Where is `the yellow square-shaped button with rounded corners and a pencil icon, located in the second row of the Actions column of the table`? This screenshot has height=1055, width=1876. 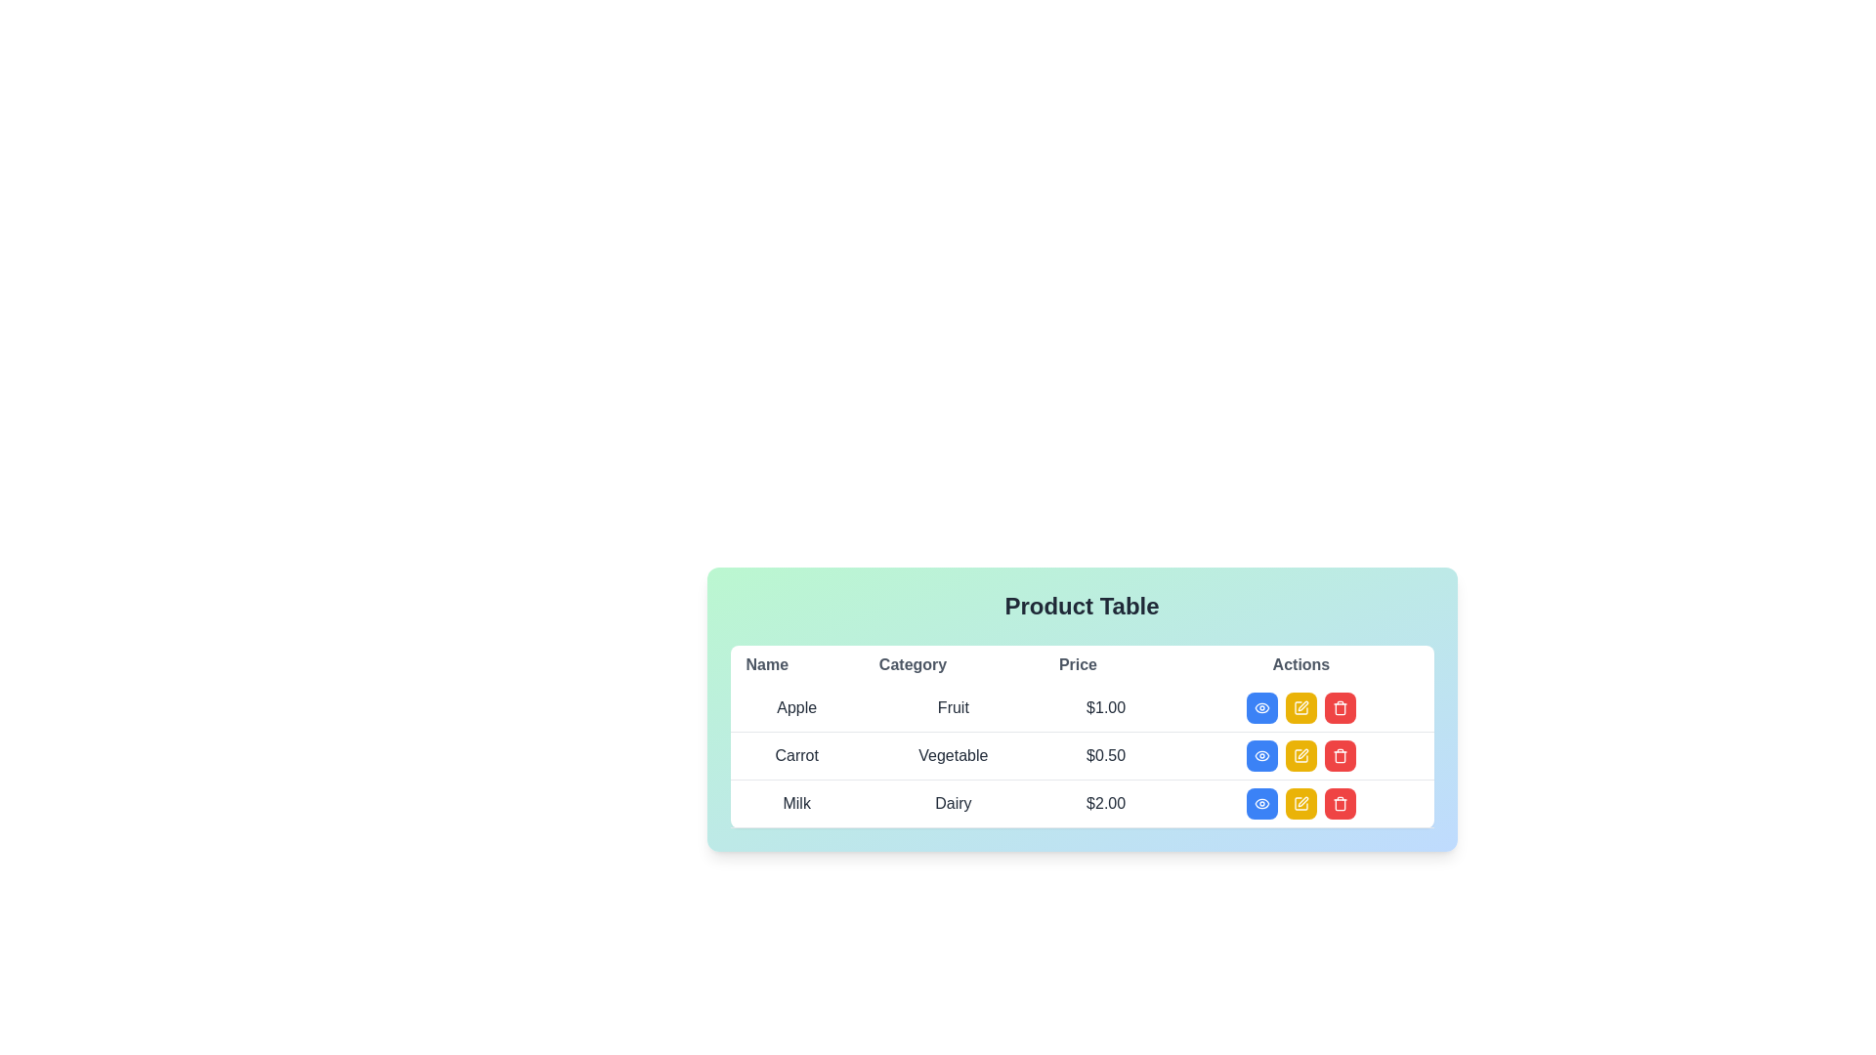
the yellow square-shaped button with rounded corners and a pencil icon, located in the second row of the Actions column of the table is located at coordinates (1300, 708).